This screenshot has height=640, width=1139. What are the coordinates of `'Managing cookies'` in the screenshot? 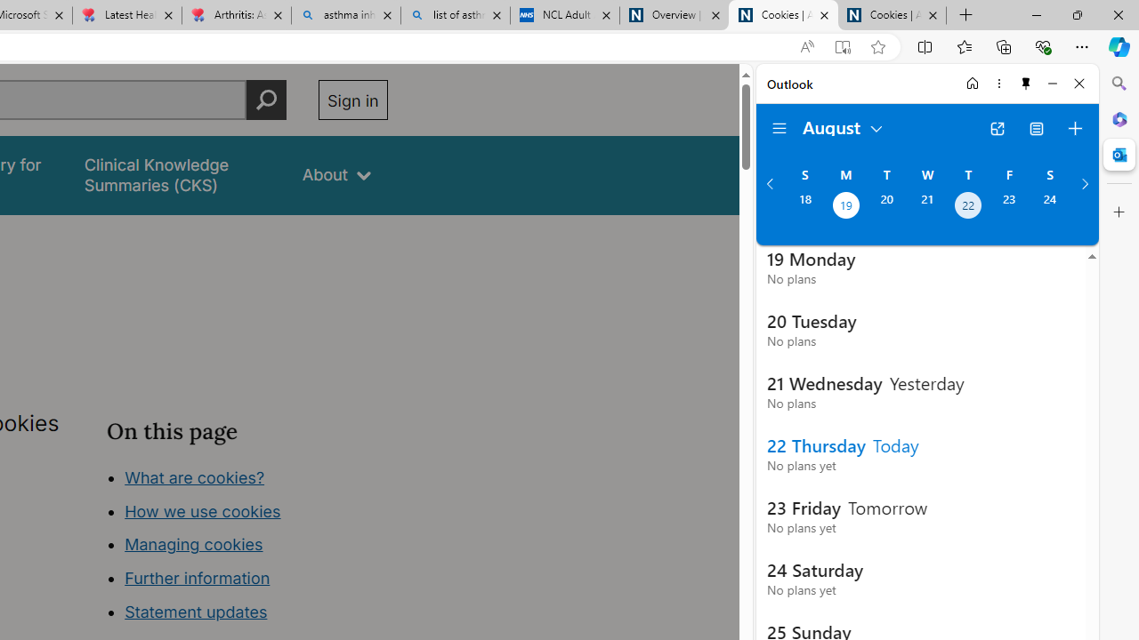 It's located at (193, 544).